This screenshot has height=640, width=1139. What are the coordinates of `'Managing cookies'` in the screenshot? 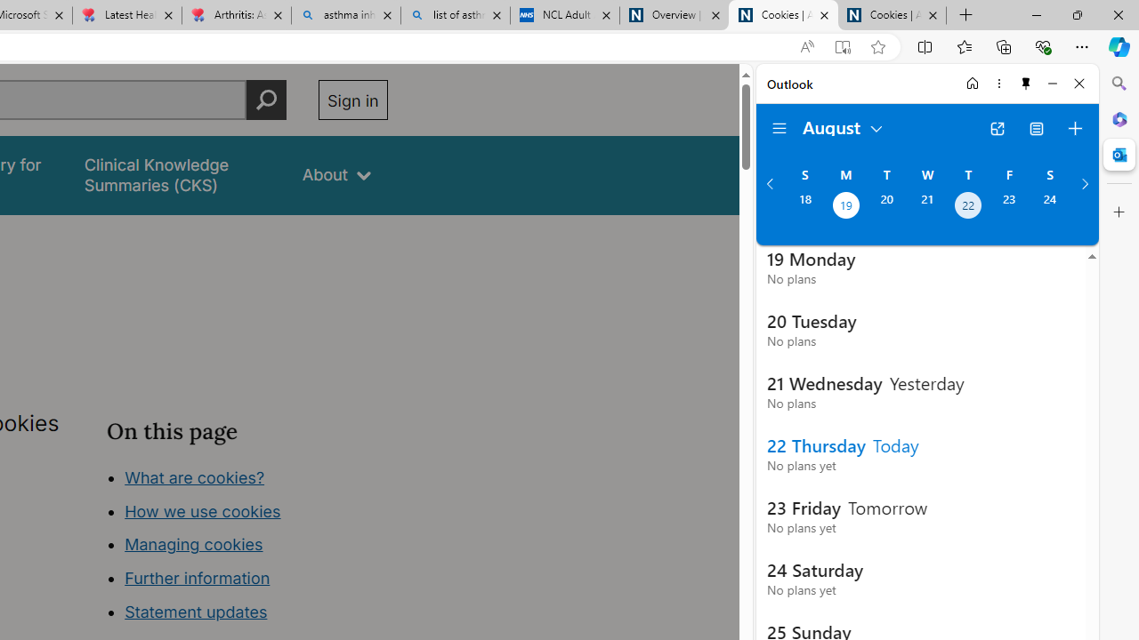 It's located at (193, 544).